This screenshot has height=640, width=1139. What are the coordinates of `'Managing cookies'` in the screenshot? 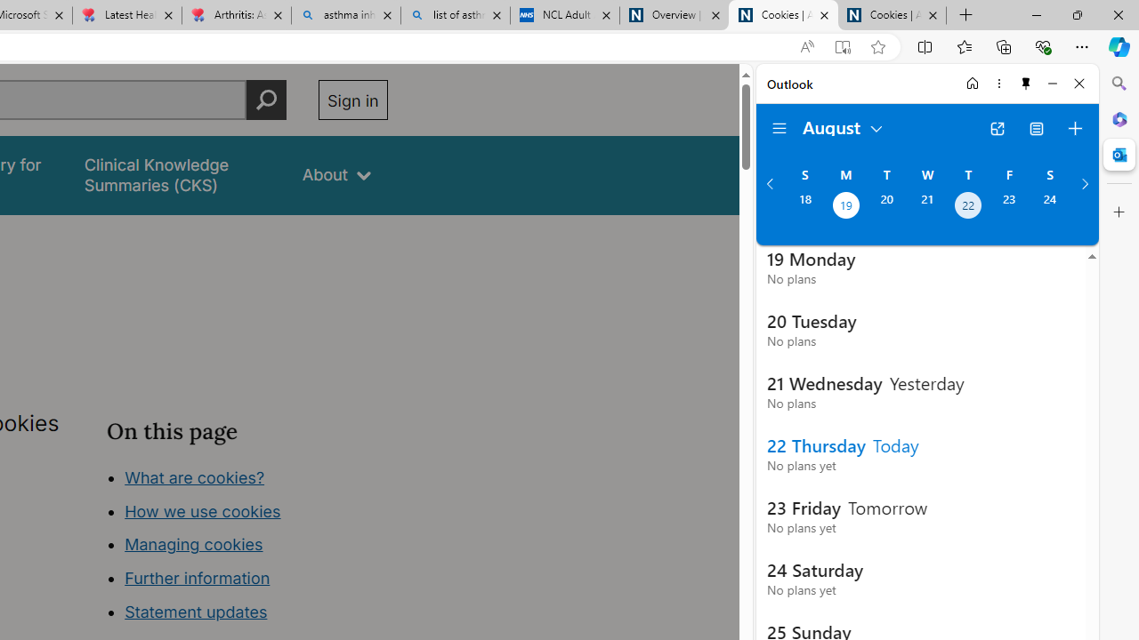 It's located at (193, 544).